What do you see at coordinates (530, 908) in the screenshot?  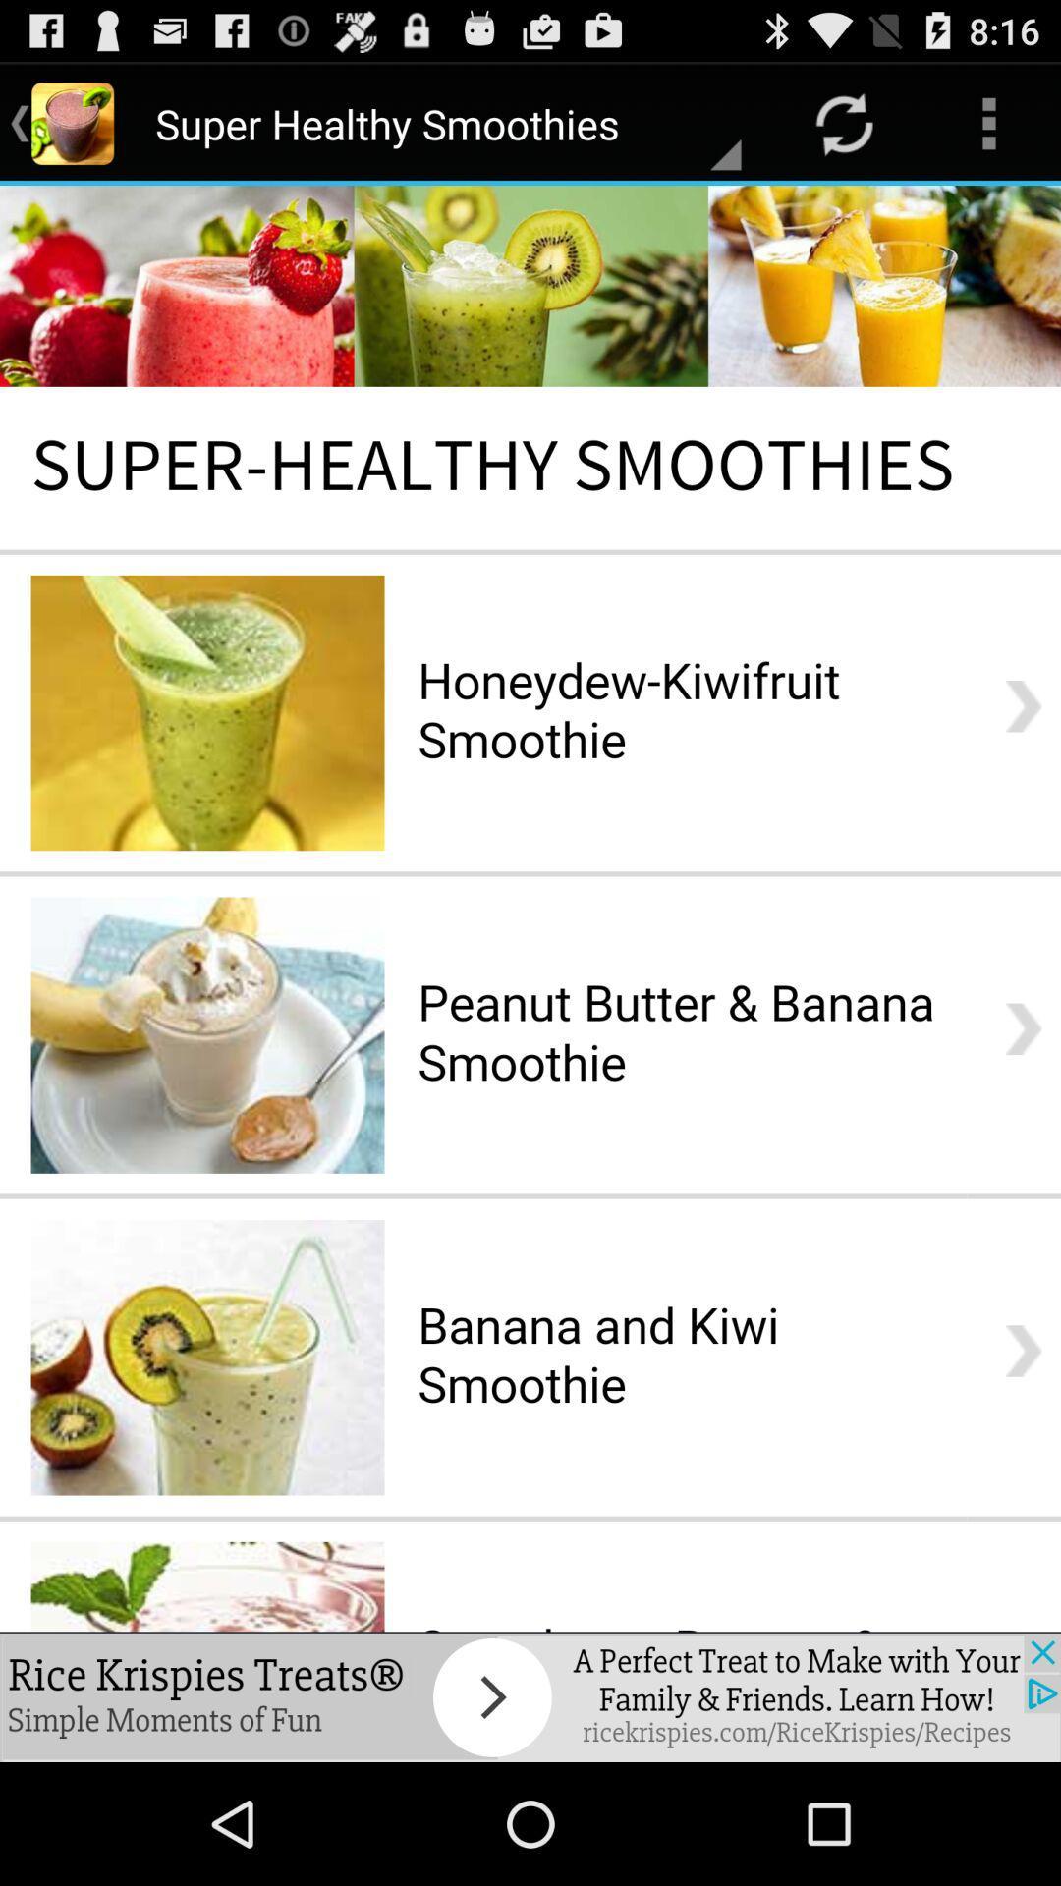 I see `front end` at bounding box center [530, 908].